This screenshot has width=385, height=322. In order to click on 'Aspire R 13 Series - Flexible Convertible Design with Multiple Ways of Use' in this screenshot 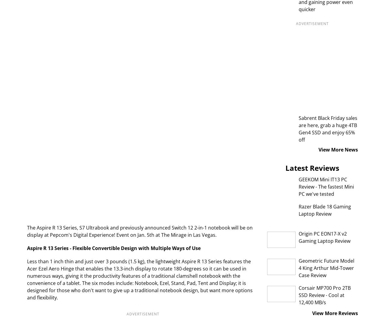, I will do `click(114, 248)`.